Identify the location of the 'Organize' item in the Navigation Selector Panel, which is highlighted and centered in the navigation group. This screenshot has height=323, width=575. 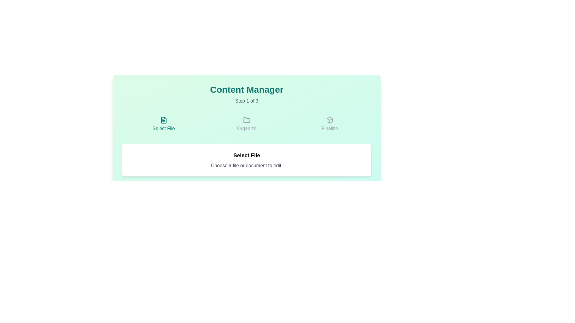
(247, 124).